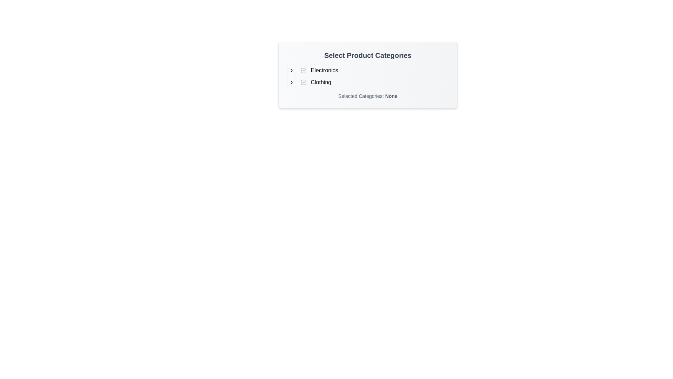 The height and width of the screenshot is (379, 673). Describe the element at coordinates (367, 55) in the screenshot. I see `the Header text that serves as a heading for the section, positioned above the selectable categories 'Electronics' and 'Clothing'` at that location.